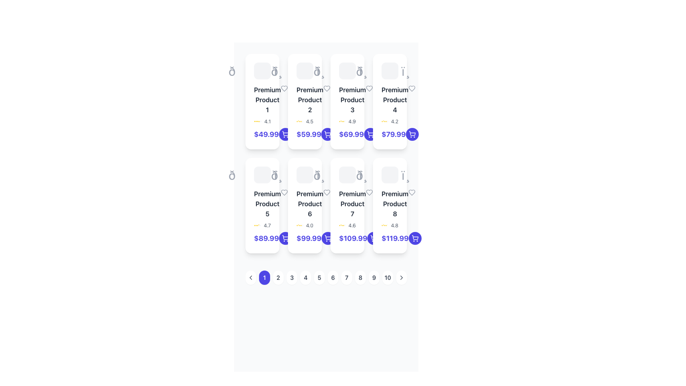 This screenshot has height=386, width=686. What do you see at coordinates (412, 134) in the screenshot?
I see `the Icon Button located at the bottom-right corner of the card for 'Premium Product 4'` at bounding box center [412, 134].